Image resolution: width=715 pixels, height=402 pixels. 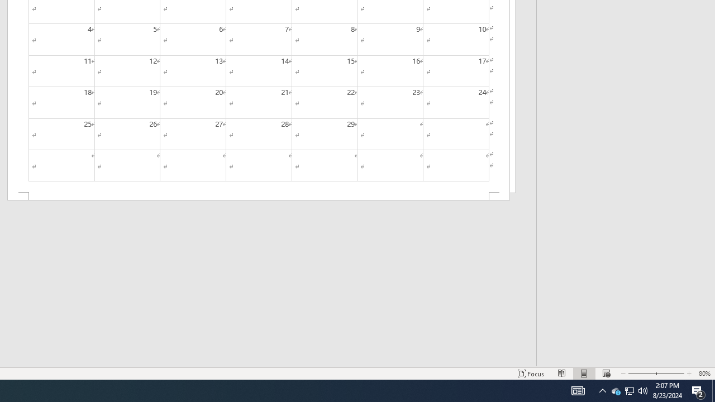 I want to click on 'Print Layout', so click(x=584, y=374).